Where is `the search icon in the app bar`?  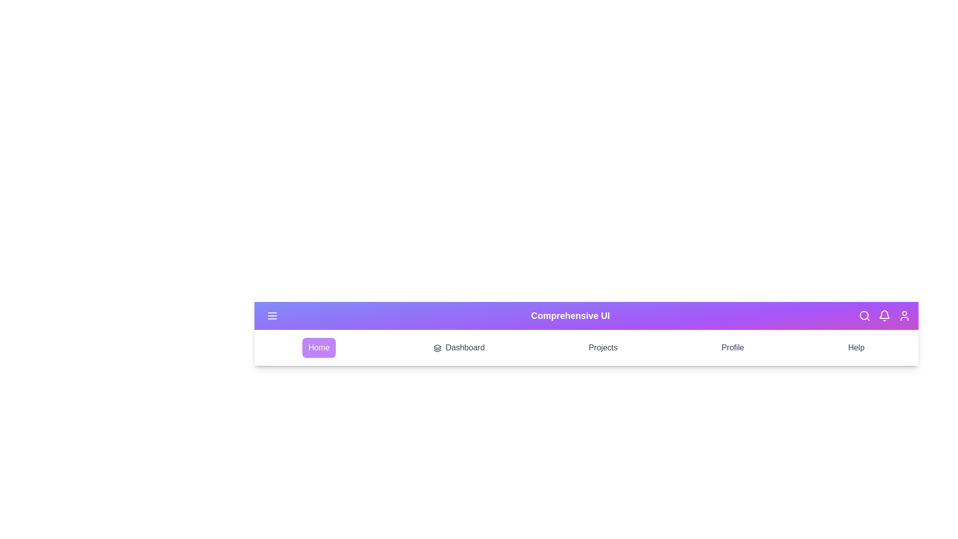
the search icon in the app bar is located at coordinates (864, 315).